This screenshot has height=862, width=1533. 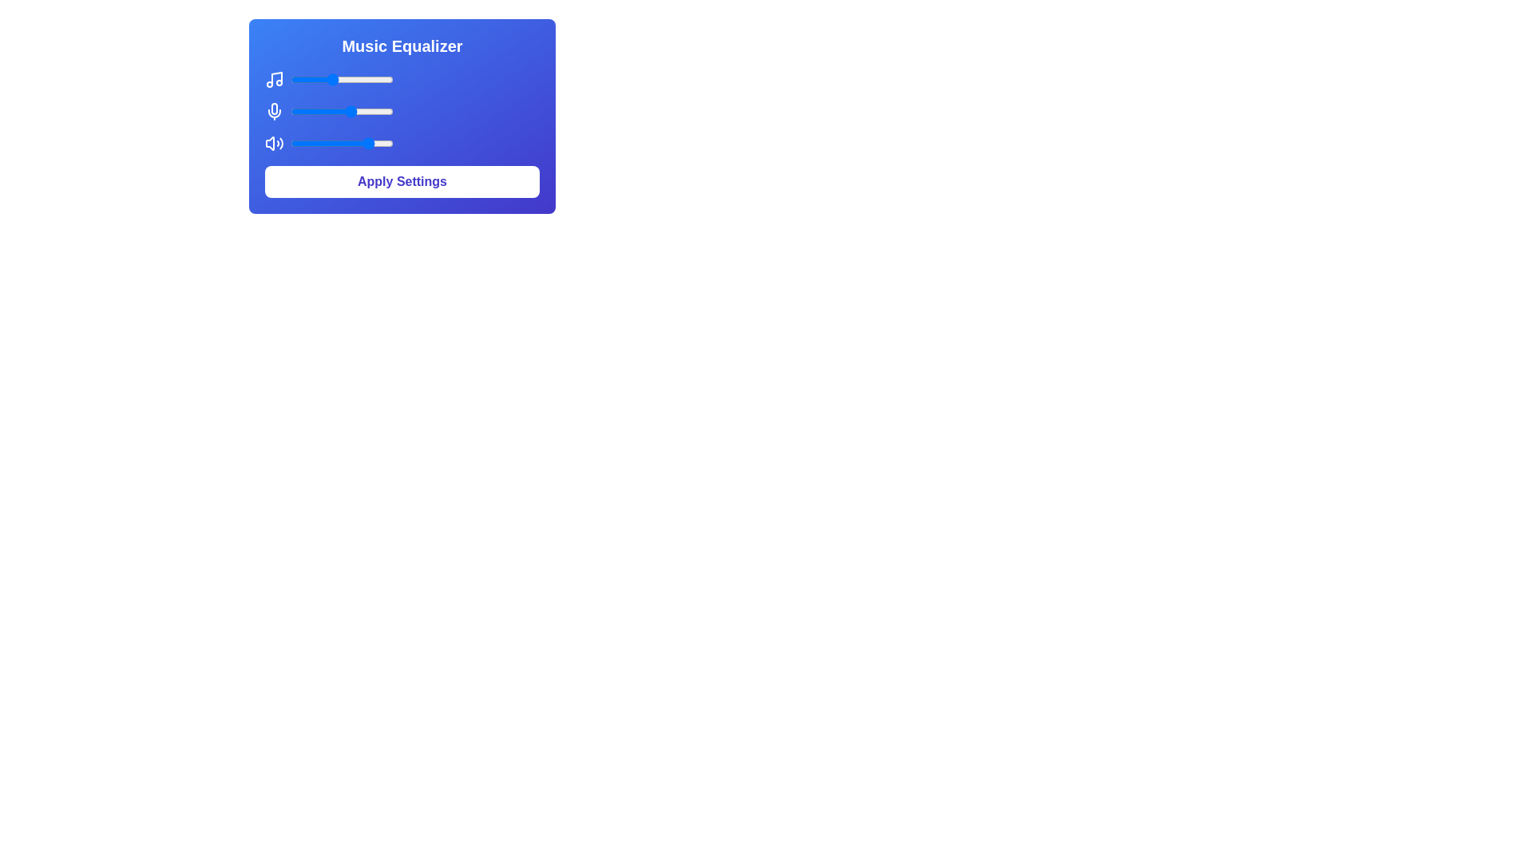 What do you see at coordinates (295, 144) in the screenshot?
I see `the slider value` at bounding box center [295, 144].